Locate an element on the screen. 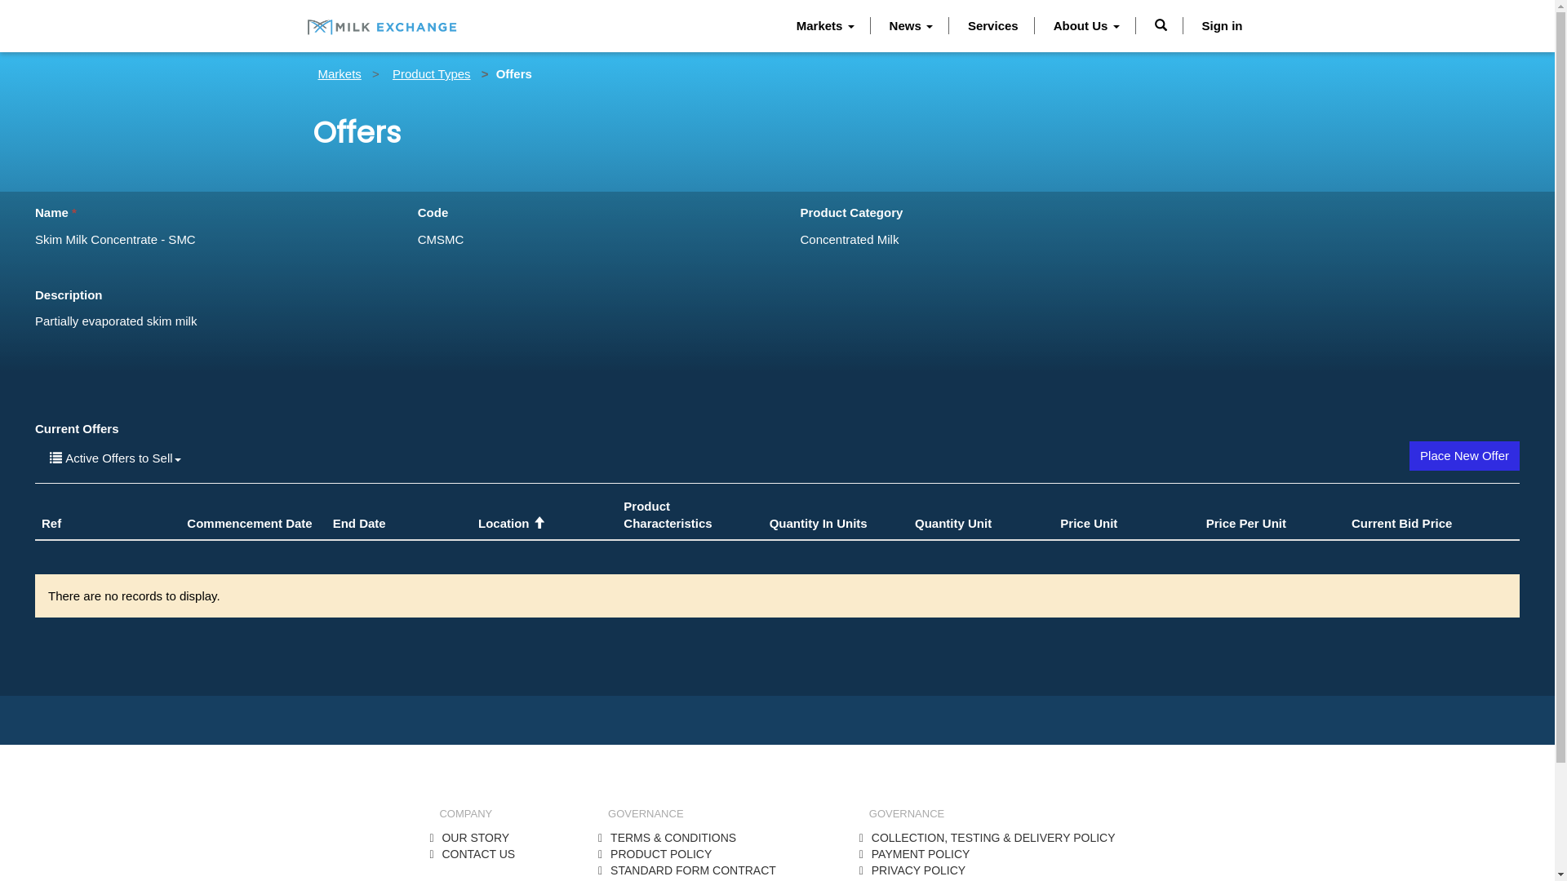 This screenshot has width=1567, height=881. 'Location is located at coordinates (511, 523).